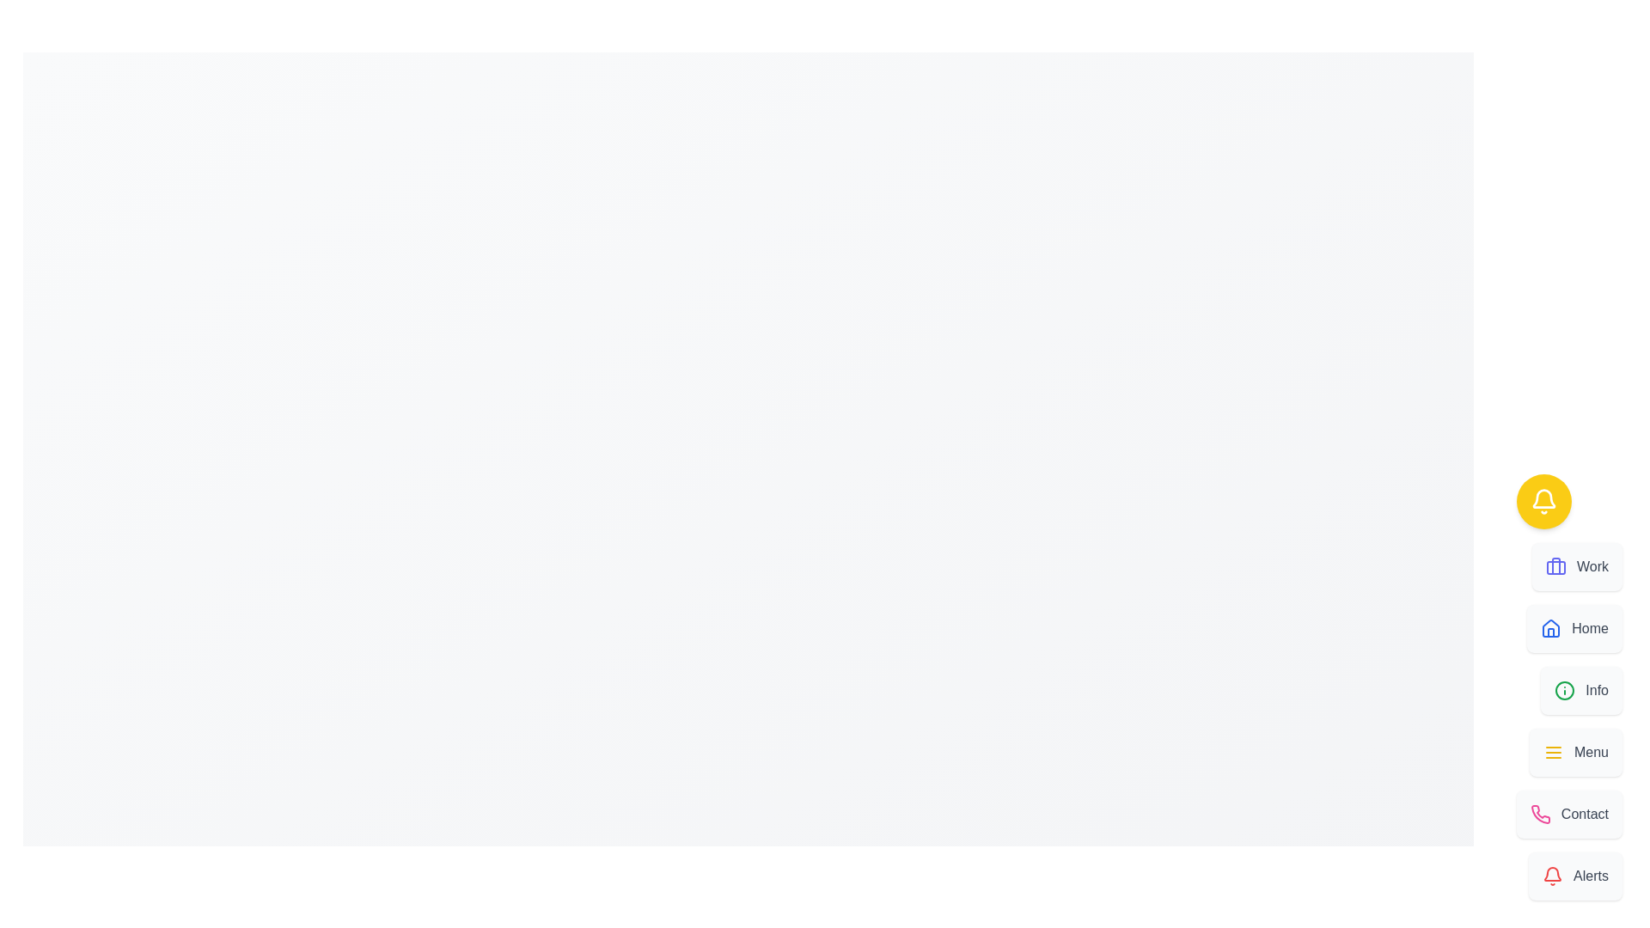  I want to click on the option Home from the Speed Dial menu, so click(1574, 629).